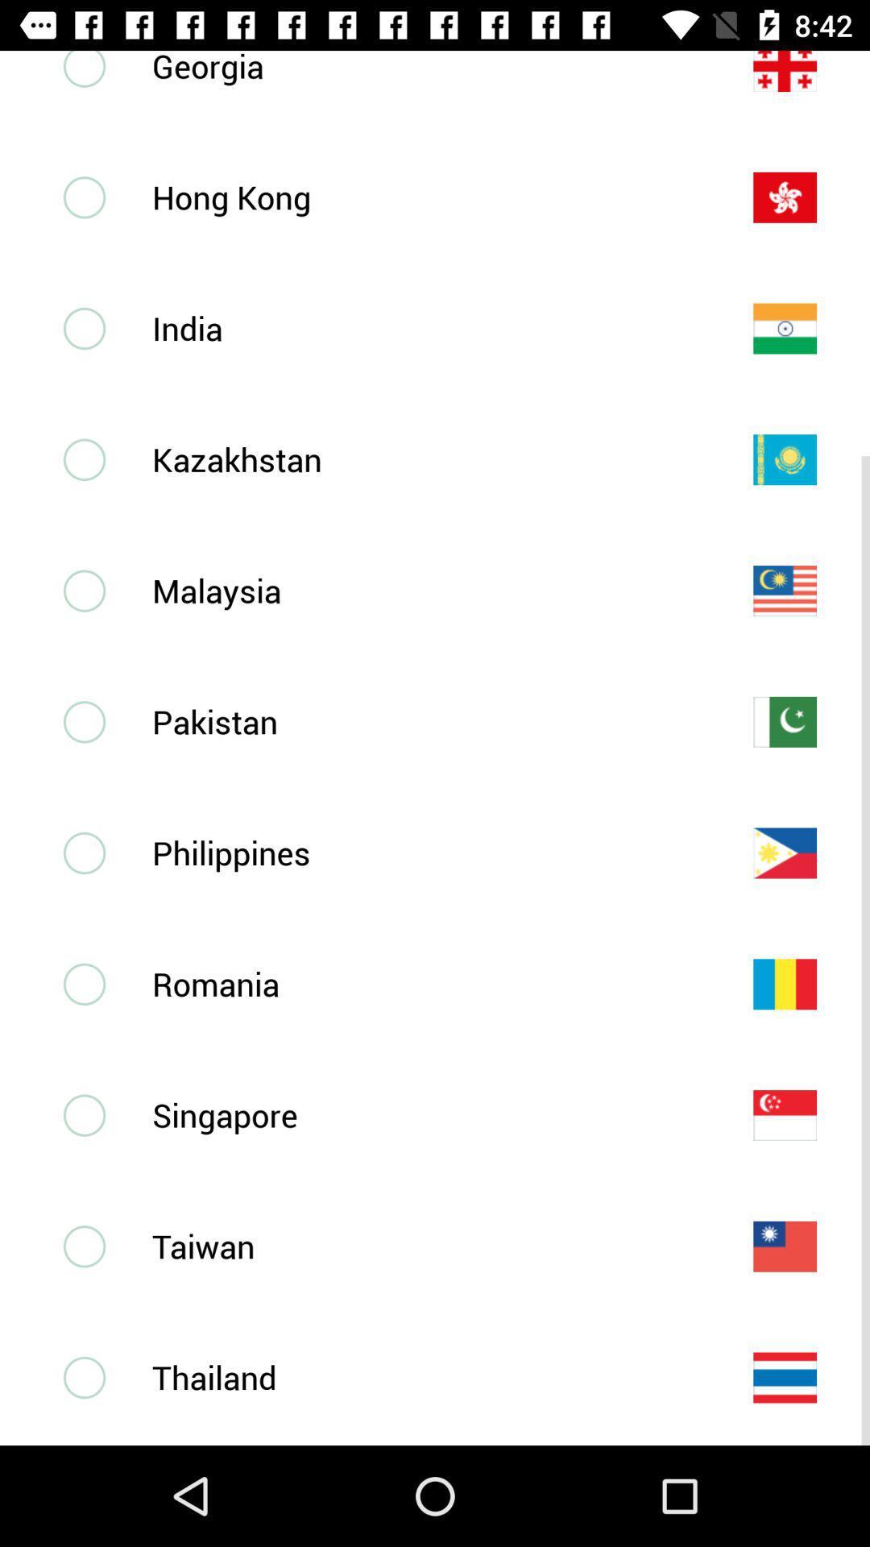  Describe the element at coordinates (425, 720) in the screenshot. I see `the pakistan item` at that location.